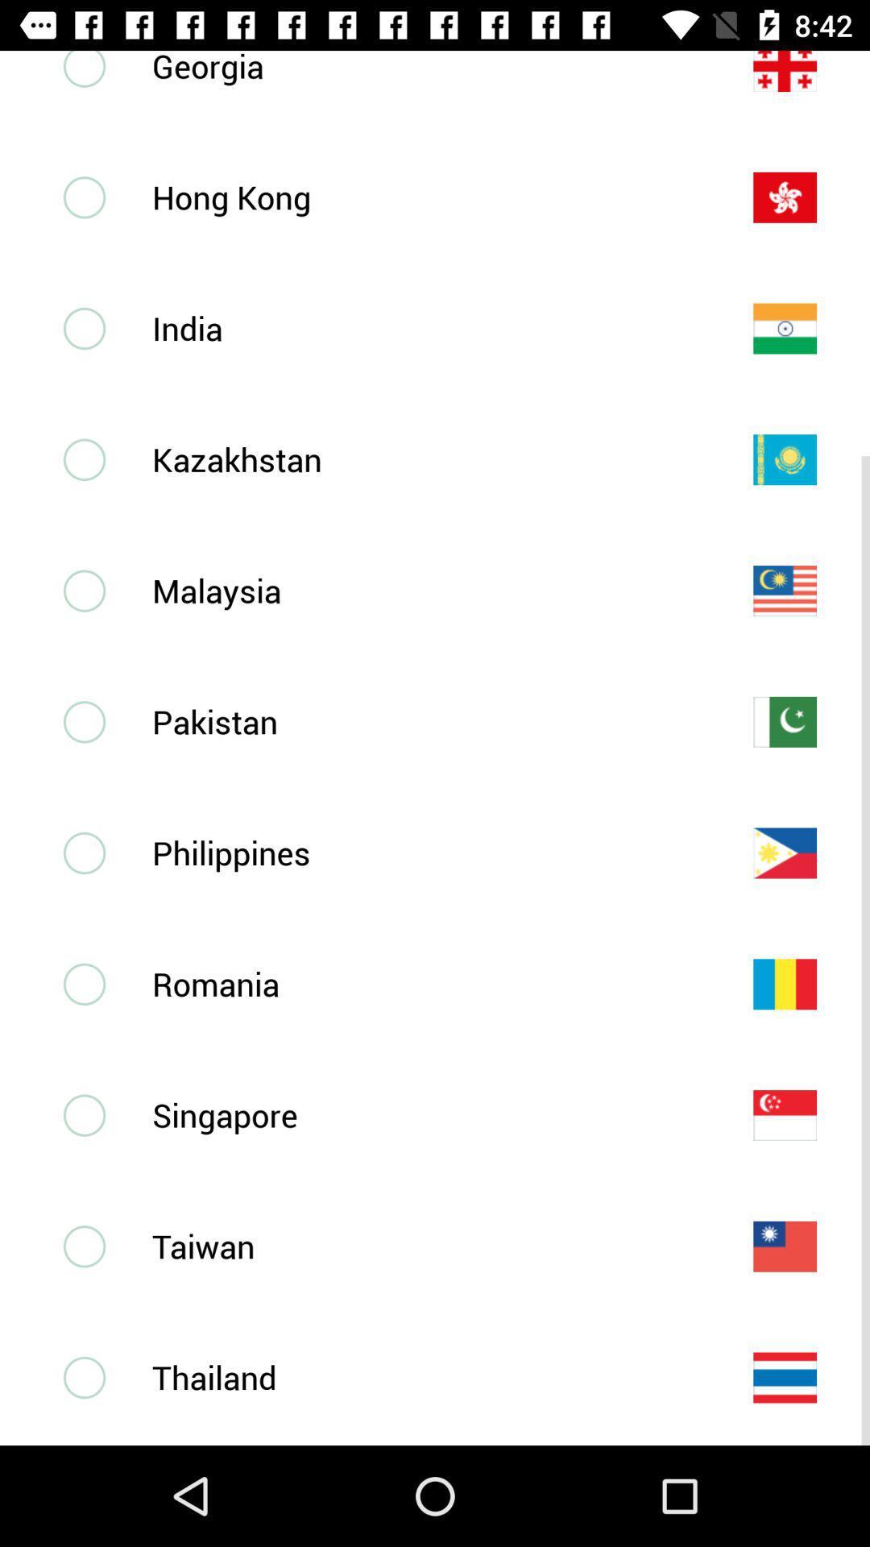  Describe the element at coordinates (425, 720) in the screenshot. I see `the pakistan item` at that location.